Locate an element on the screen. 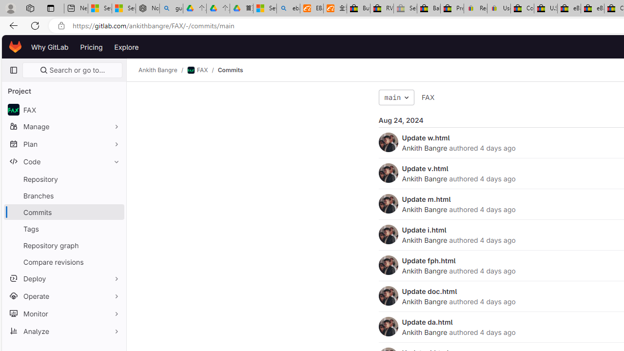 The width and height of the screenshot is (624, 351). 'Update v.html' is located at coordinates (425, 168).